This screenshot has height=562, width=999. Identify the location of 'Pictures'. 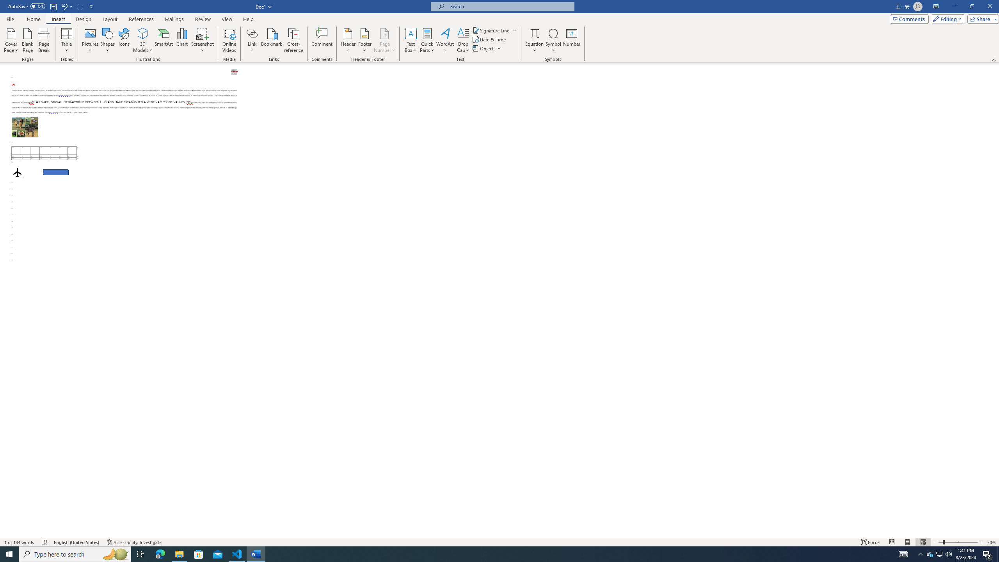
(90, 40).